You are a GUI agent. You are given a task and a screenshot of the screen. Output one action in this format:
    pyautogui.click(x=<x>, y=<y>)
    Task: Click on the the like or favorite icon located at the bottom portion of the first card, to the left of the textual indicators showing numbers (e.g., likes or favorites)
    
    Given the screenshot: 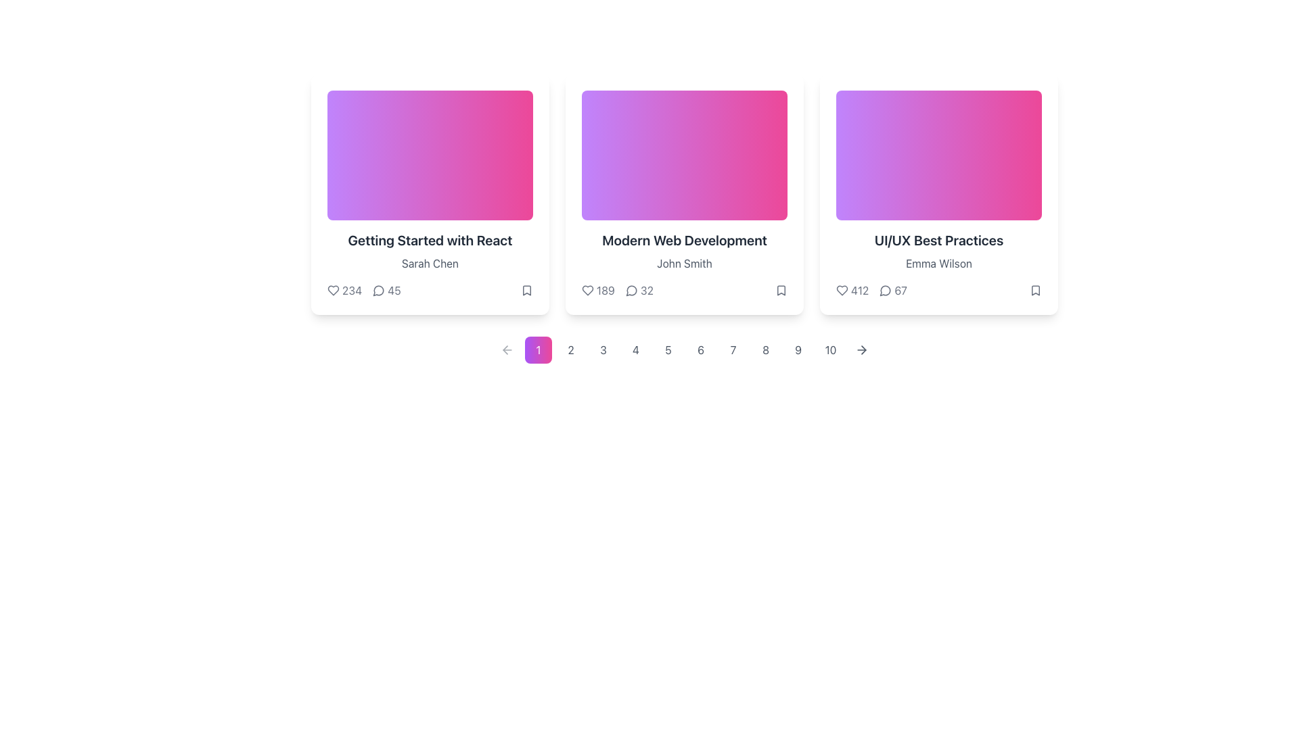 What is the action you would take?
    pyautogui.click(x=334, y=289)
    